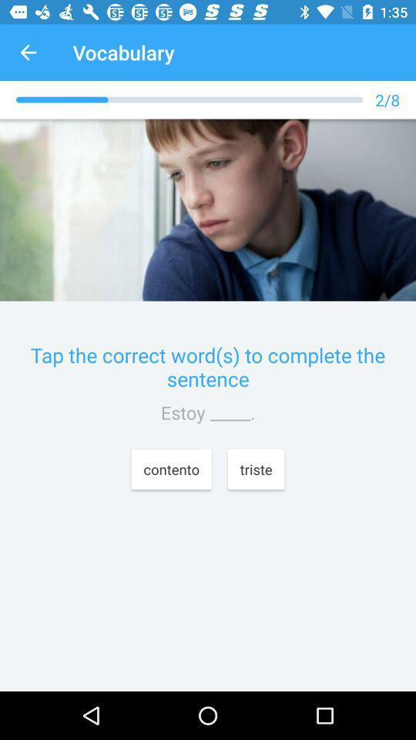 The image size is (416, 740). What do you see at coordinates (28, 52) in the screenshot?
I see `app to the left of vocabulary item` at bounding box center [28, 52].